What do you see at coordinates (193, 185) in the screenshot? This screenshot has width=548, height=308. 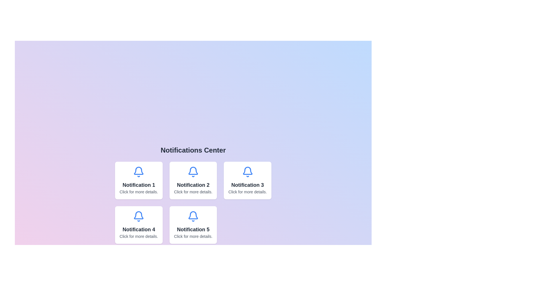 I see `text from the Text Label displaying 'Notification 2', which is centrally aligned and located within the Notifications Center page, just below the bell icon` at bounding box center [193, 185].